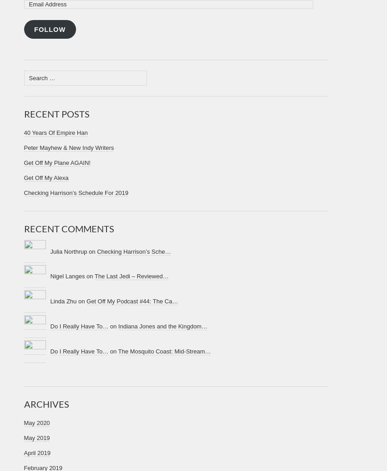 The height and width of the screenshot is (471, 387). Describe the element at coordinates (163, 351) in the screenshot. I see `'The Mosquito Coast: Mid-Stream…'` at that location.